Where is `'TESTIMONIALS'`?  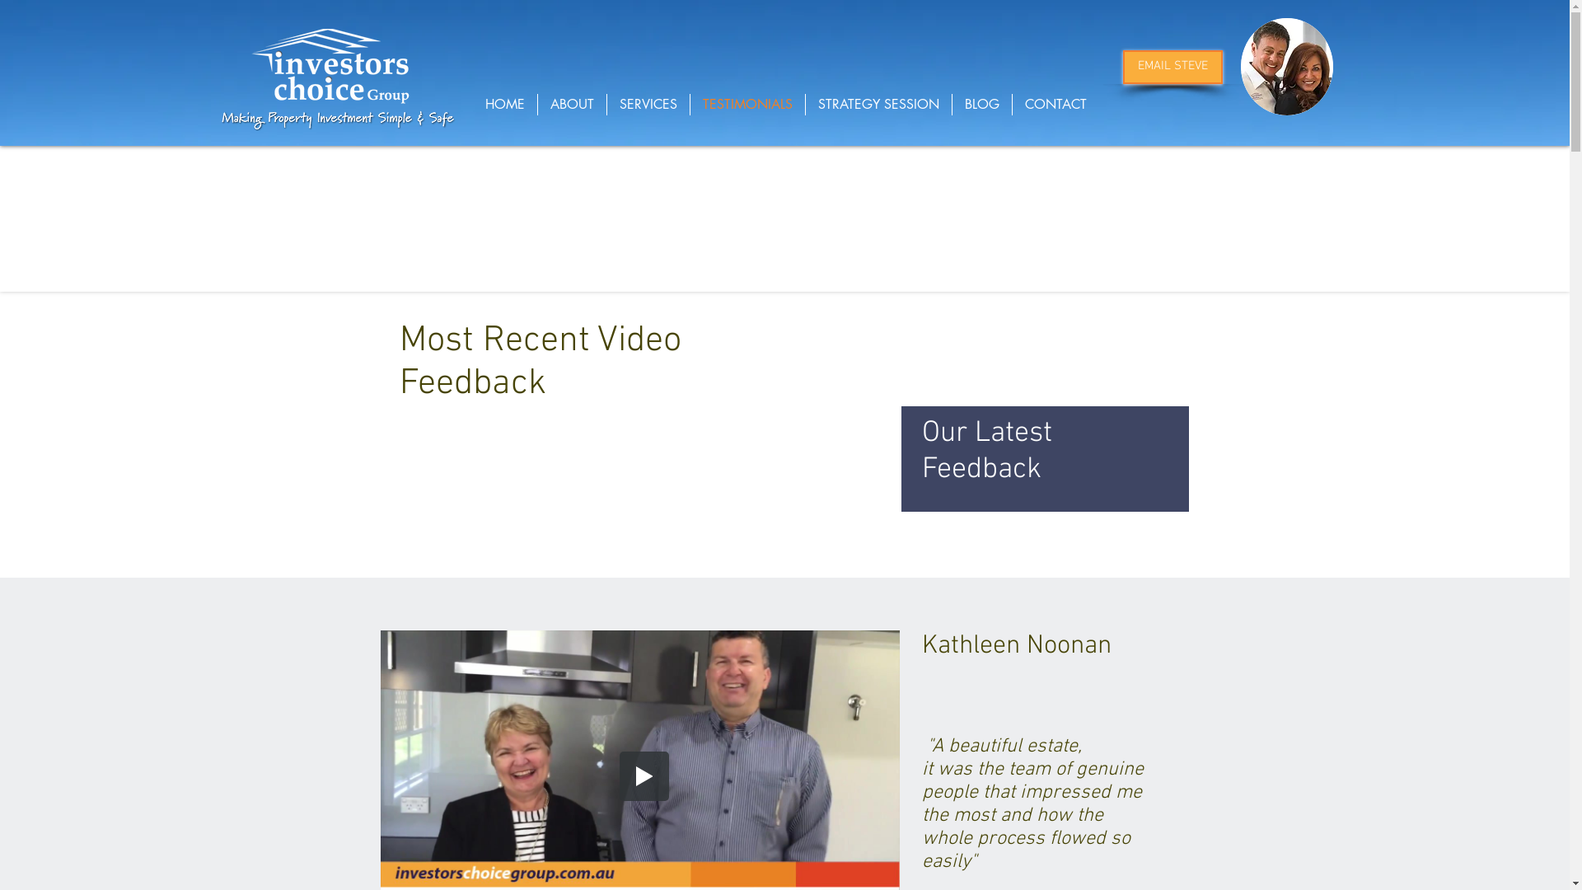
'TESTIMONIALS' is located at coordinates (747, 105).